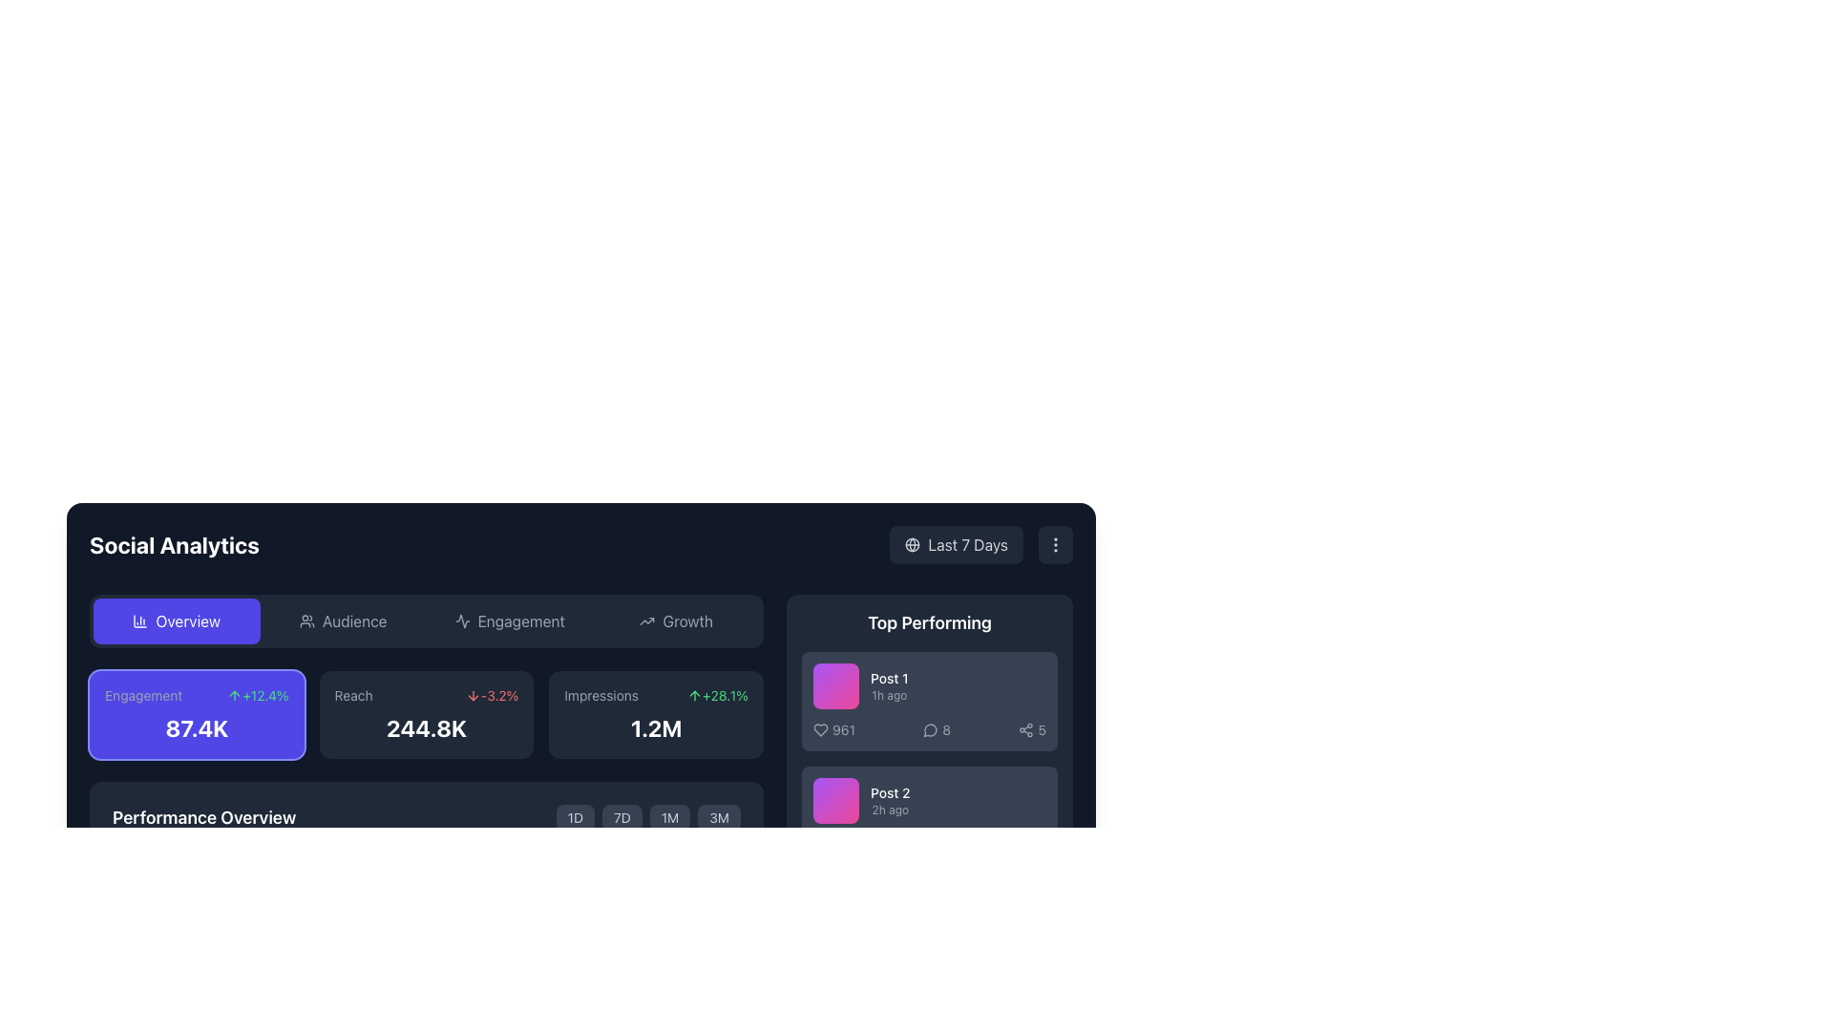  What do you see at coordinates (622, 816) in the screenshot?
I see `the button labeled '7D'` at bounding box center [622, 816].